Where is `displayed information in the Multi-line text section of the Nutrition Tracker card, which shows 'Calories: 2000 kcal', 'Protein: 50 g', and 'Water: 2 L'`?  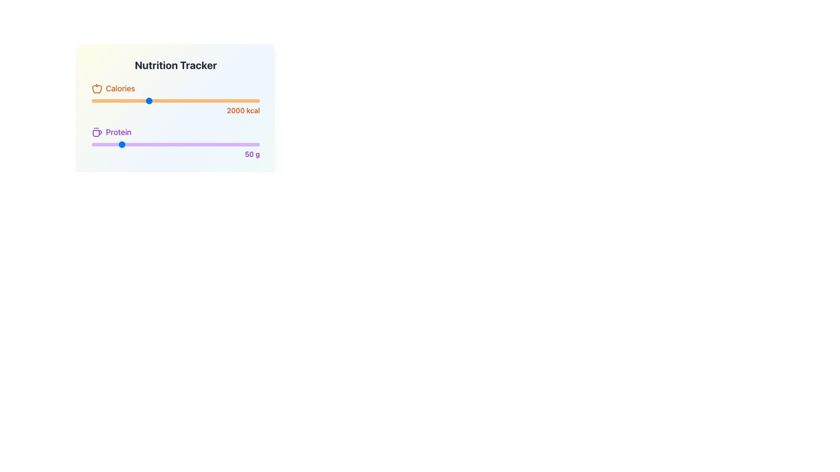
displayed information in the Multi-line text section of the Nutrition Tracker card, which shows 'Calories: 2000 kcal', 'Protein: 50 g', and 'Water: 2 L' is located at coordinates (175, 142).